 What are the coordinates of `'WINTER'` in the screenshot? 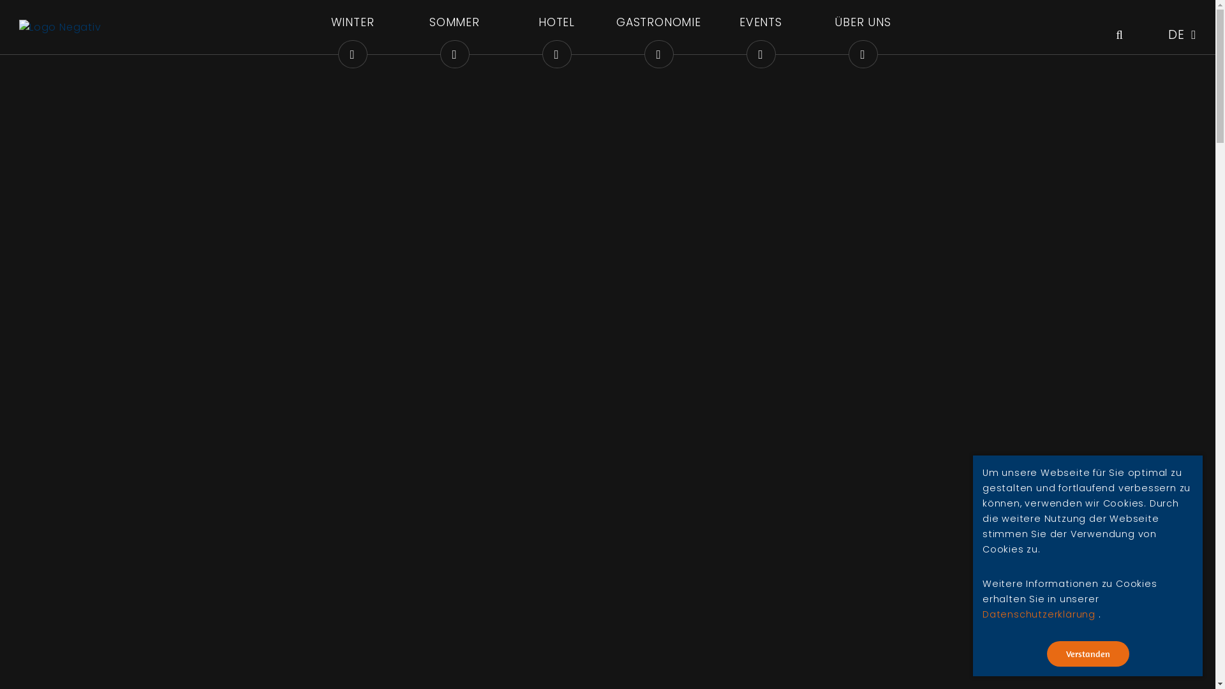 It's located at (307, 29).